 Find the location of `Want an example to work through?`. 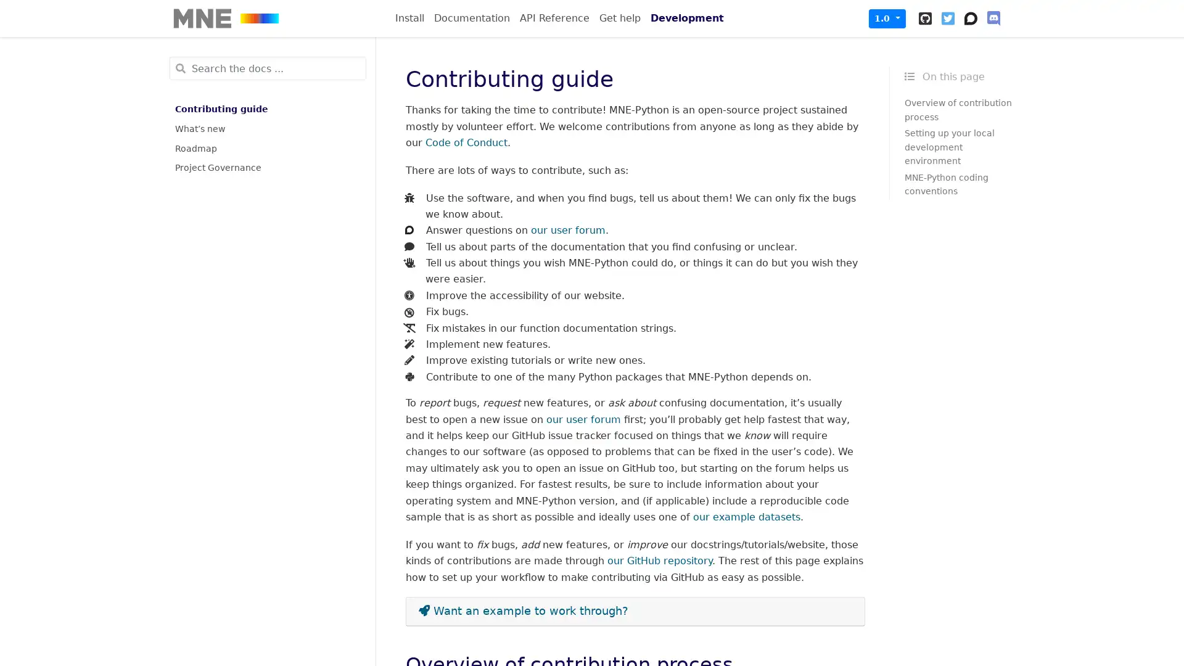

Want an example to work through? is located at coordinates (635, 611).